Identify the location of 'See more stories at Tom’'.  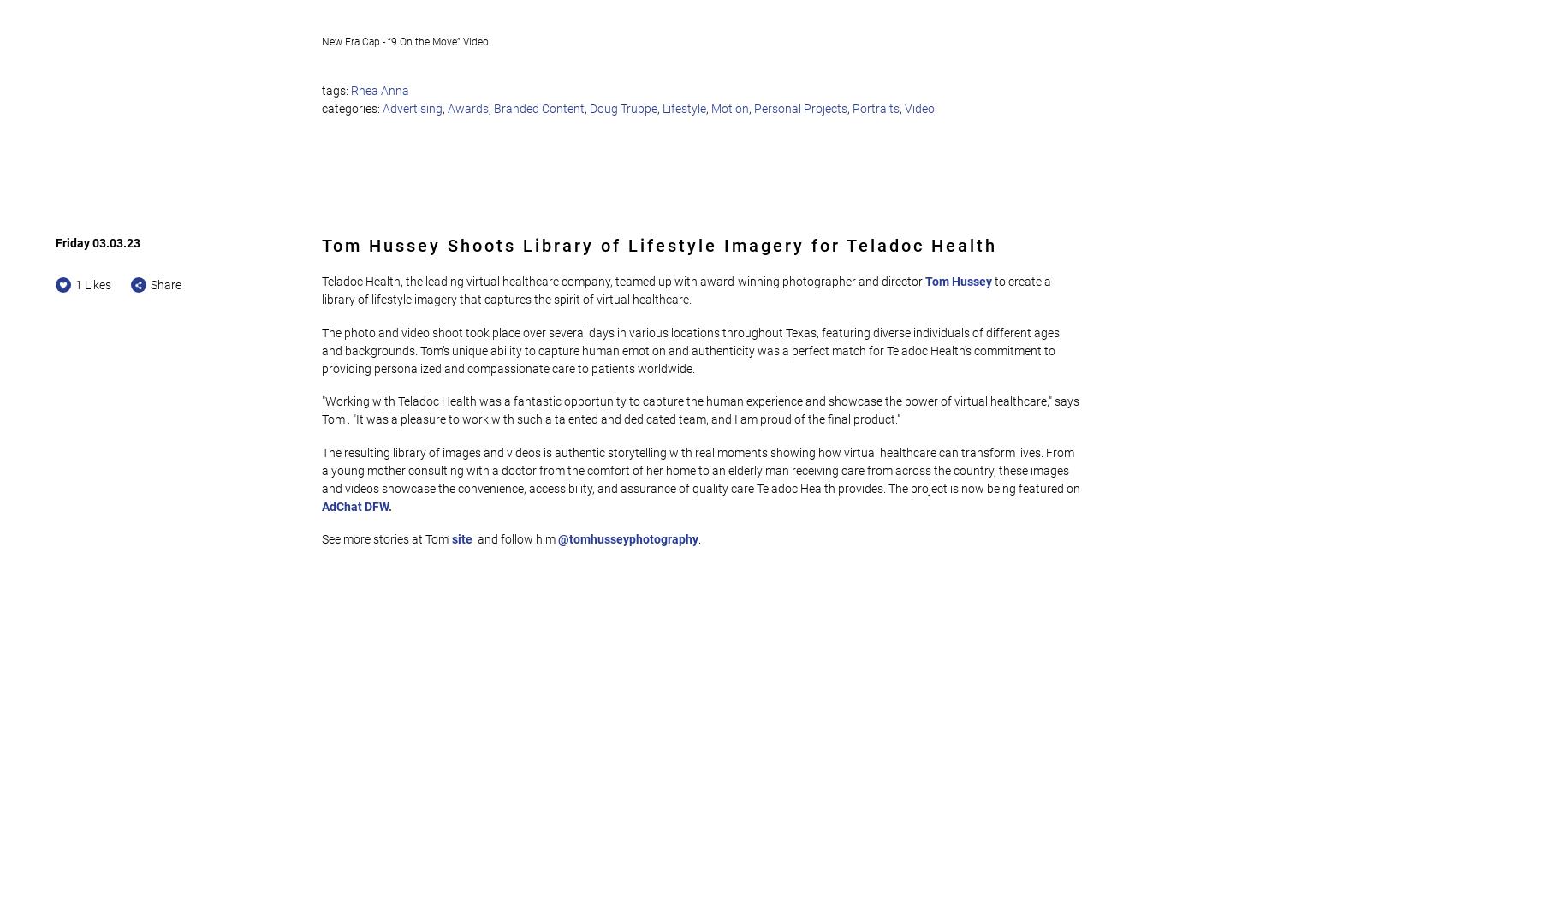
(384, 538).